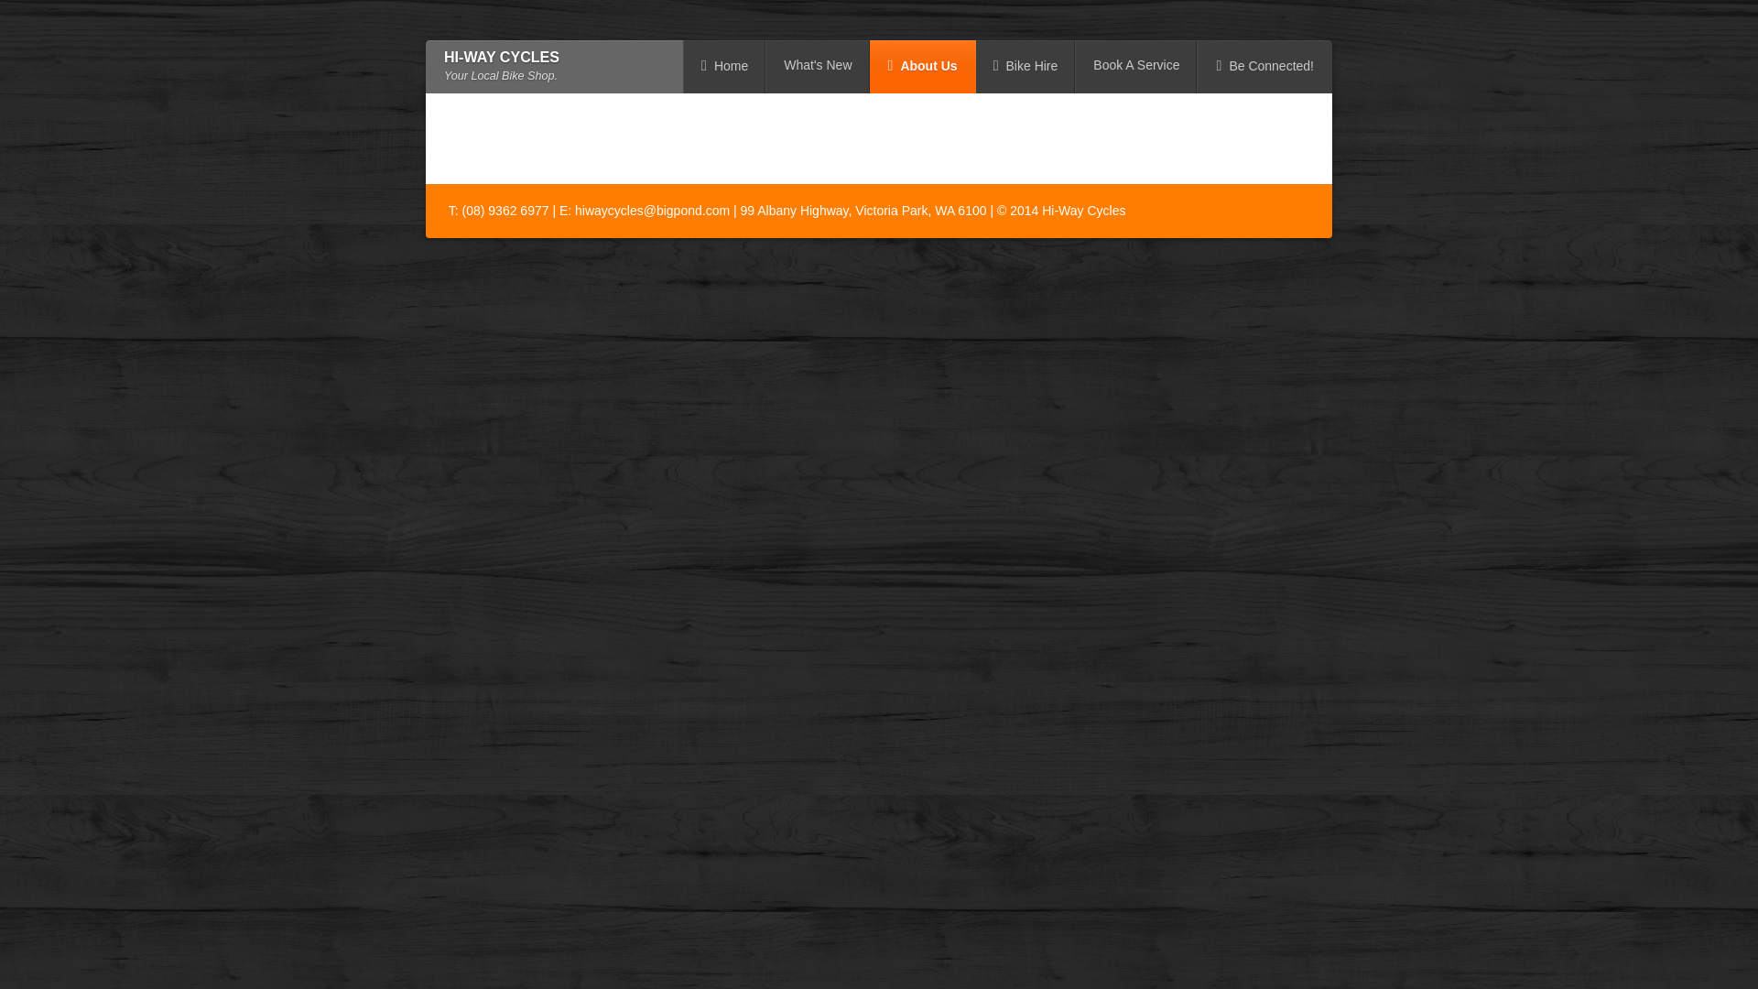  I want to click on 'What's New', so click(765, 66).